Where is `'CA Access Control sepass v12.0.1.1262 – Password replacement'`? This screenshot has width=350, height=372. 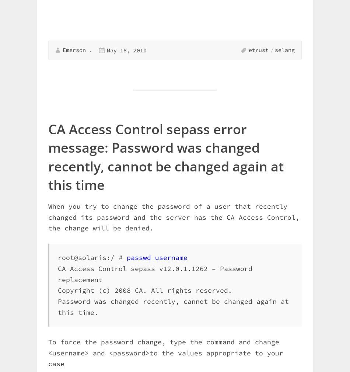 'CA Access Control sepass v12.0.1.1262 – Password replacement' is located at coordinates (155, 274).